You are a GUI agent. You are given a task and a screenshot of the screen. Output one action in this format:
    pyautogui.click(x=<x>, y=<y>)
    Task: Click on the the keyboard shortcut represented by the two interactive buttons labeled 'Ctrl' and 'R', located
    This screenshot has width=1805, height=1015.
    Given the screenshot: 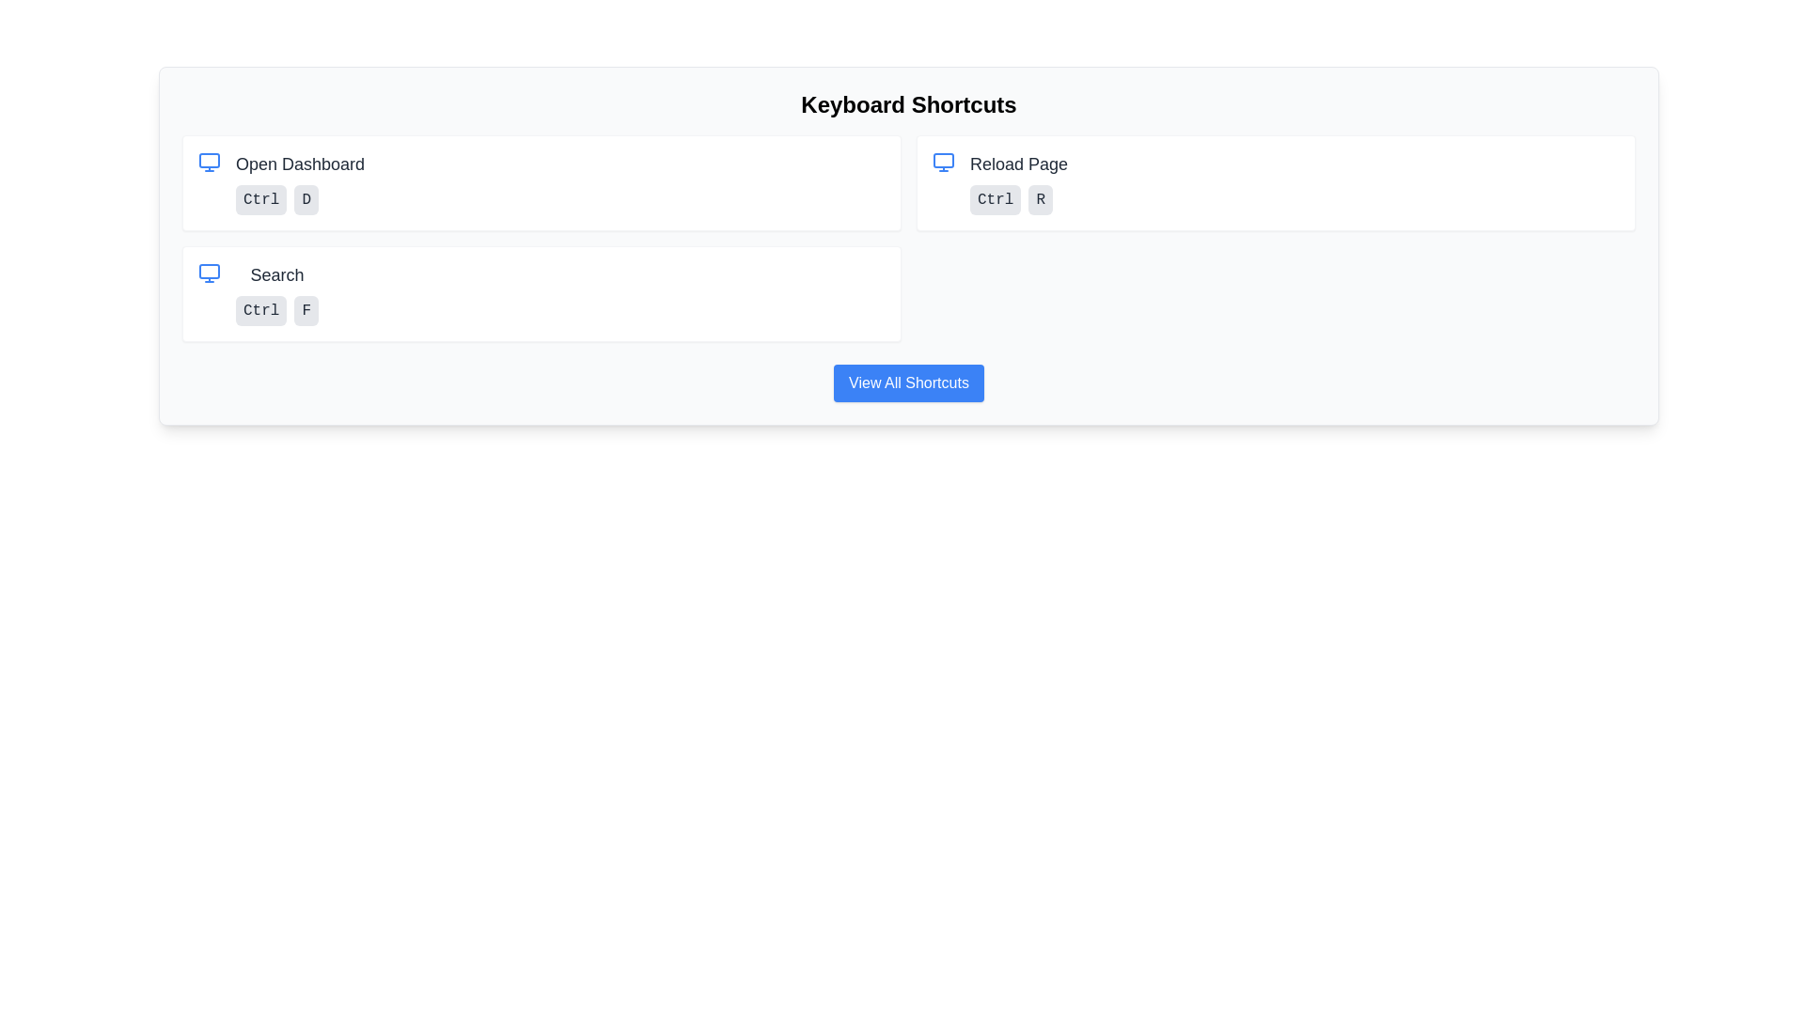 What is the action you would take?
    pyautogui.click(x=1018, y=199)
    